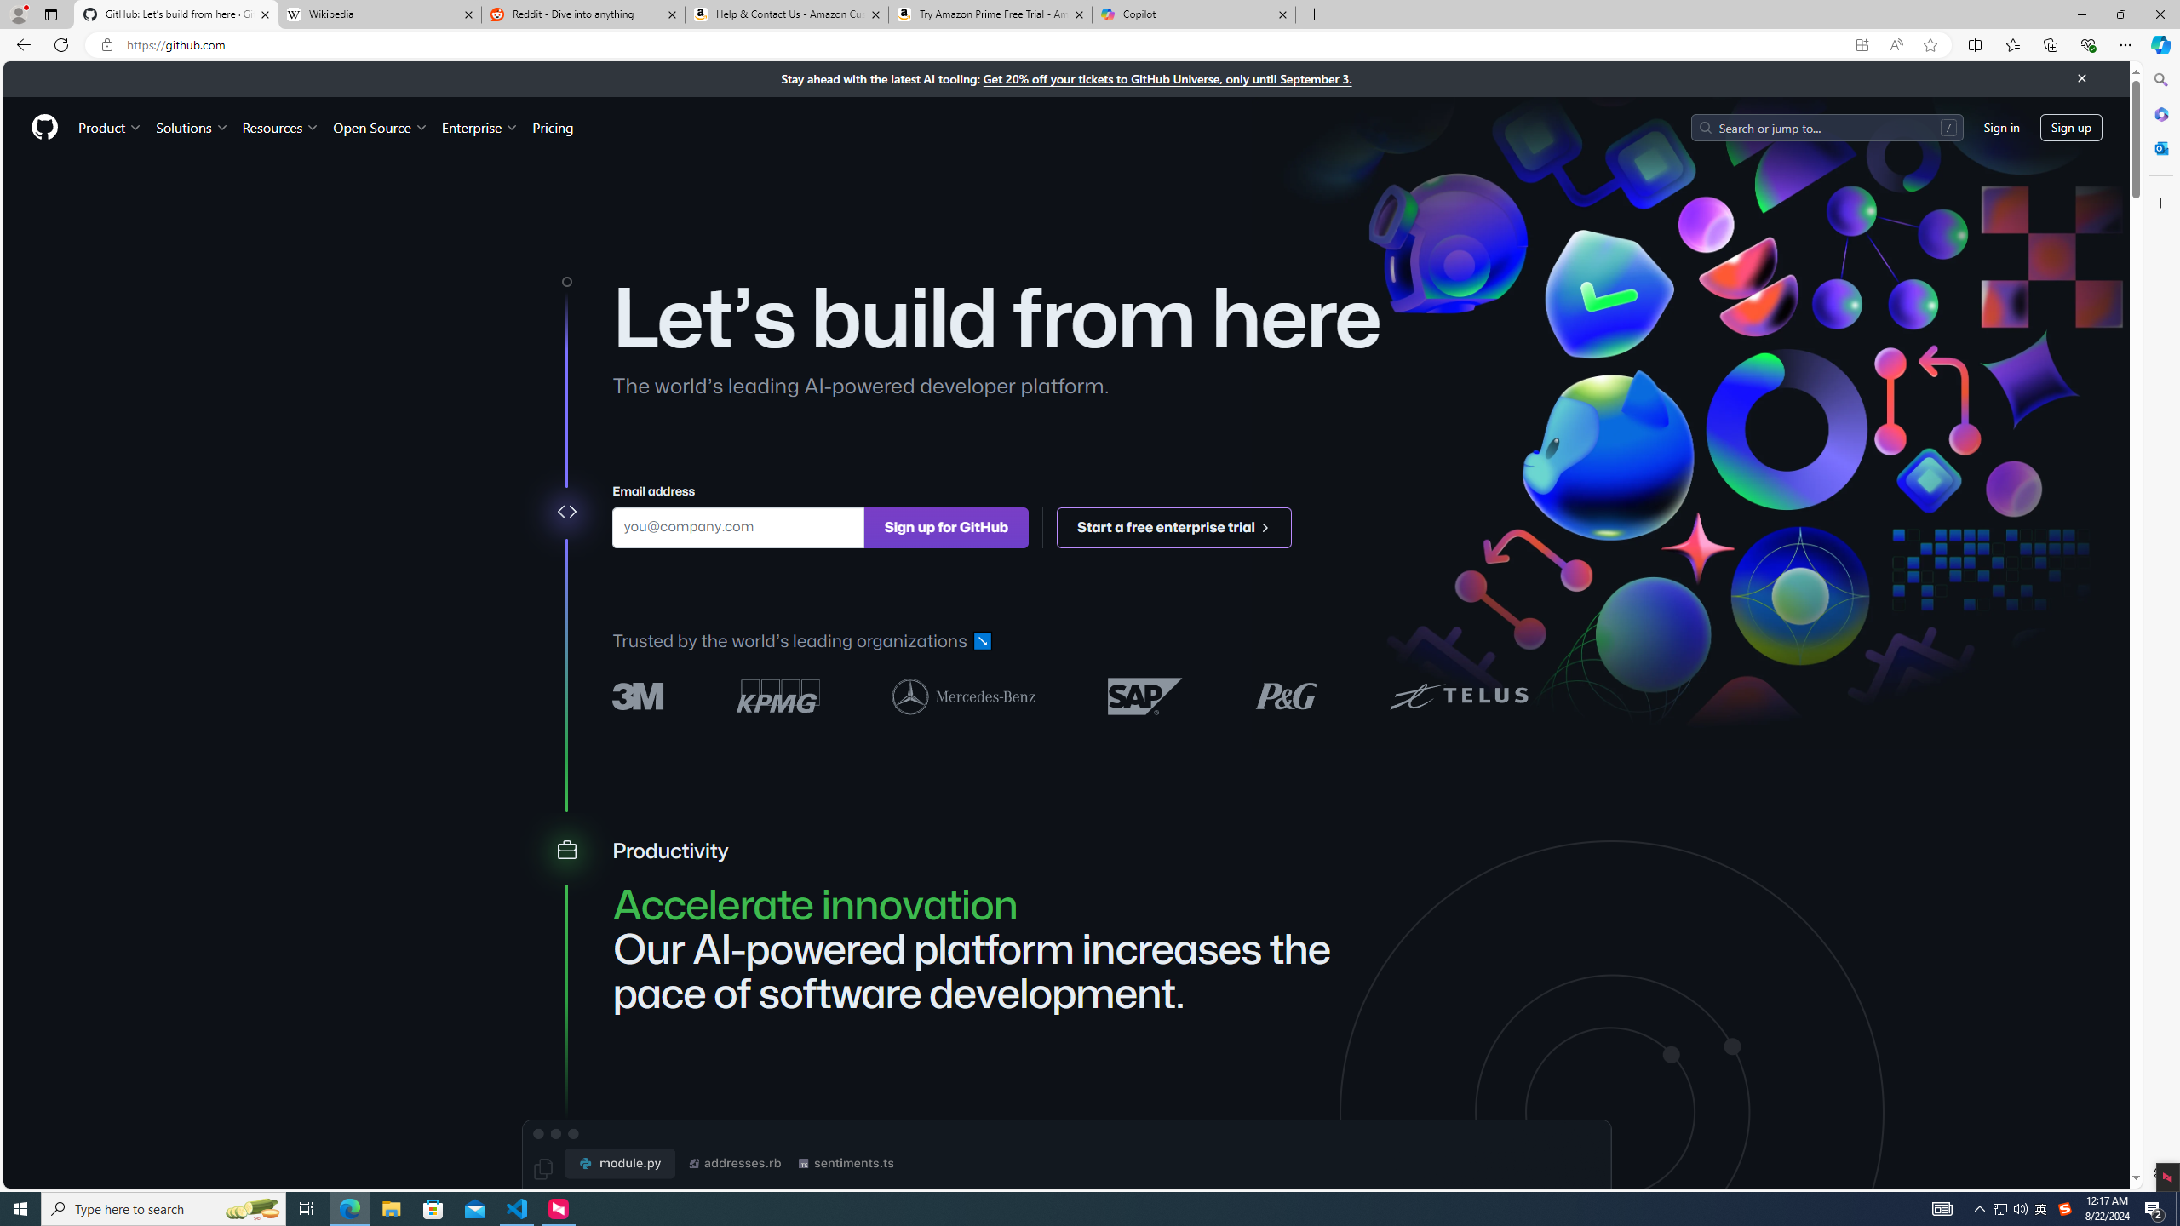 This screenshot has height=1226, width=2180. What do you see at coordinates (945, 526) in the screenshot?
I see `'Sign up for GitHub'` at bounding box center [945, 526].